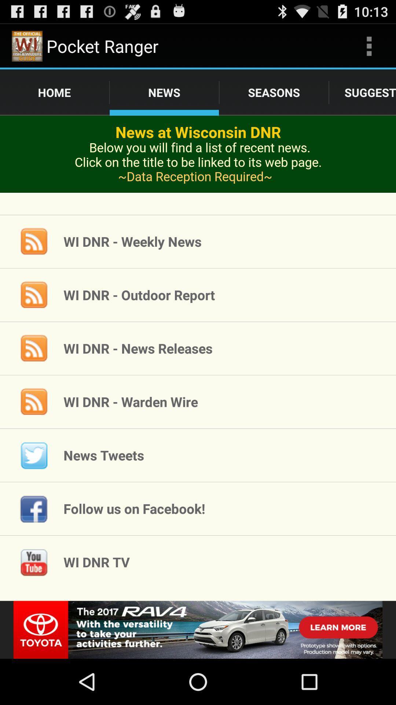 The width and height of the screenshot is (396, 705). Describe the element at coordinates (198, 629) in the screenshot. I see `advertisement banner` at that location.